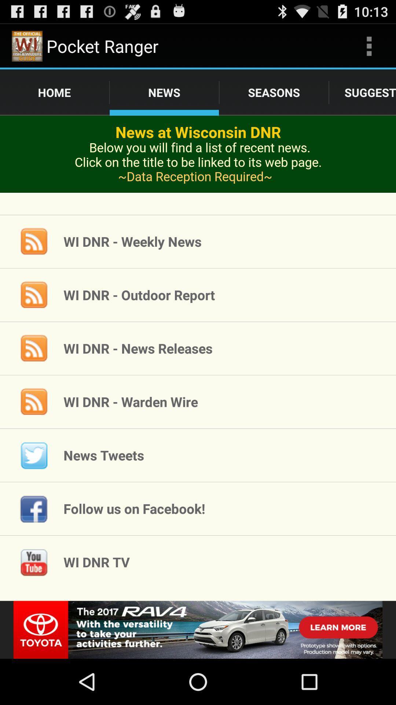 The width and height of the screenshot is (396, 705). Describe the element at coordinates (198, 629) in the screenshot. I see `advertisement banner` at that location.